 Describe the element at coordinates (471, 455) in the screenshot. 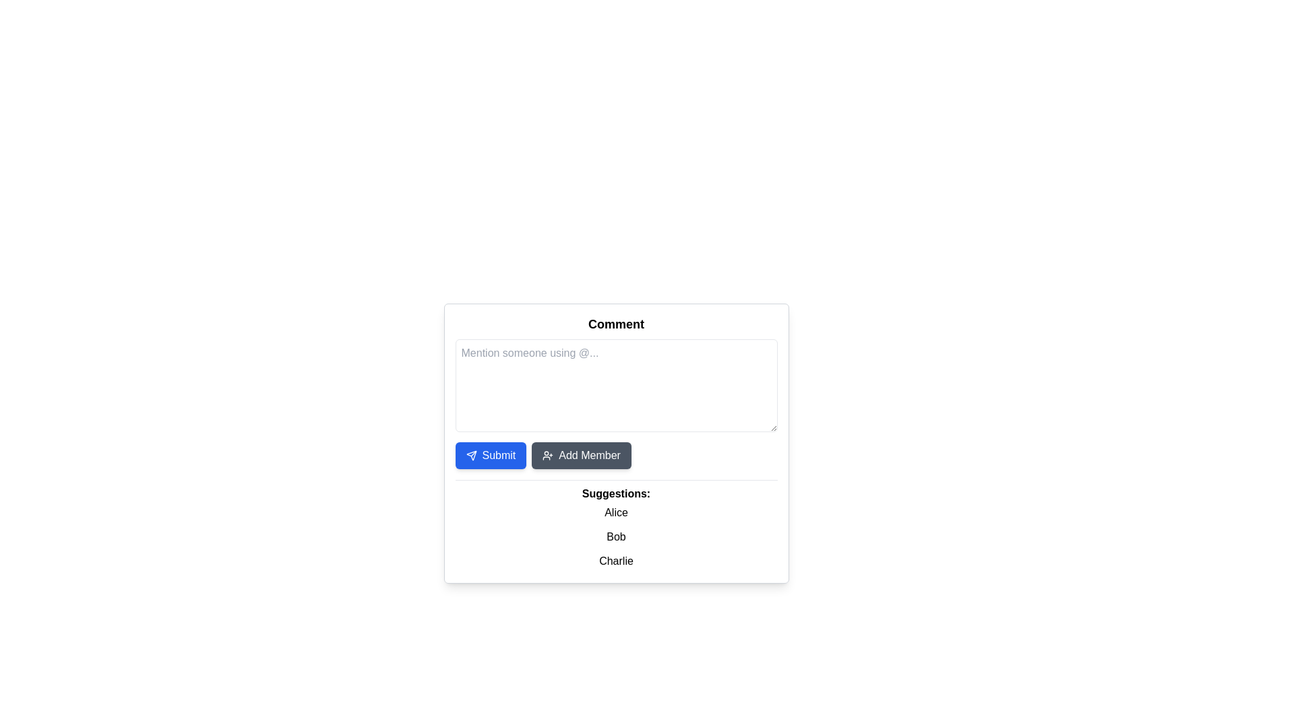

I see `the paper airplane icon located inside the 'Submit' button, which has a blue background and white text, positioned on the left side of the button's content` at that location.